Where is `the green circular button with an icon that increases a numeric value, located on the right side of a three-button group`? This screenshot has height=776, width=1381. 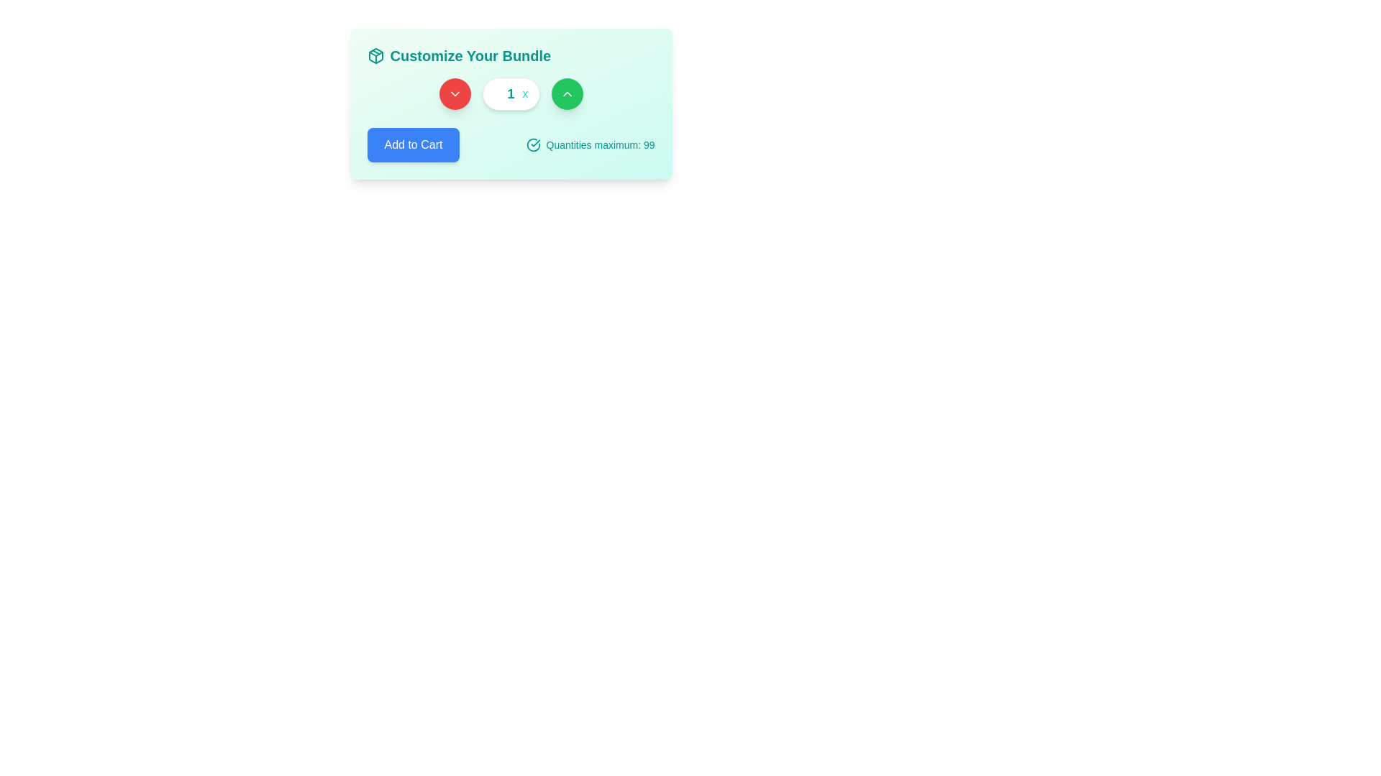 the green circular button with an icon that increases a numeric value, located on the right side of a three-button group is located at coordinates (566, 94).